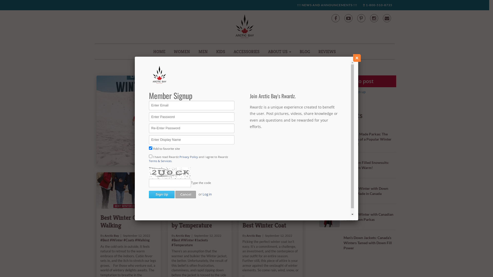  I want to click on 'Login to post', so click(357, 81).